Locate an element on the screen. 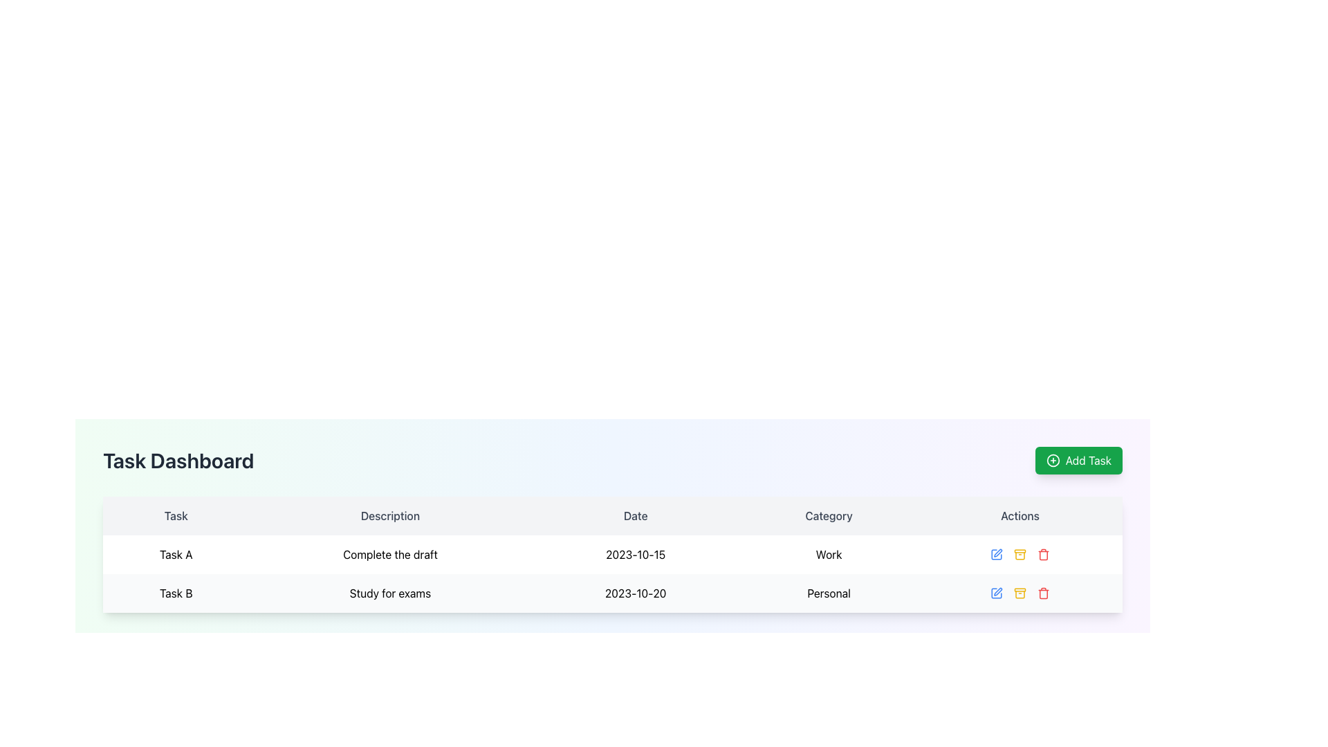 This screenshot has height=747, width=1328. the red trash icon representing the delete action, which is the third action icon in the 'Actions' column of the second task in the task table, located at the bottom right is located at coordinates (1044, 554).